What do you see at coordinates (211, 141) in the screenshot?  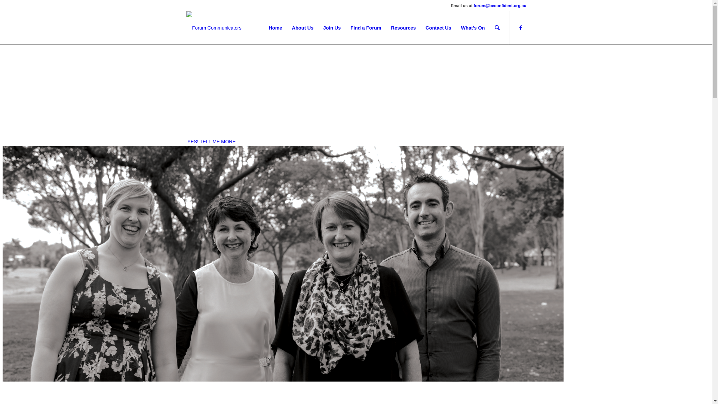 I see `'YES! TELL ME MORE'` at bounding box center [211, 141].